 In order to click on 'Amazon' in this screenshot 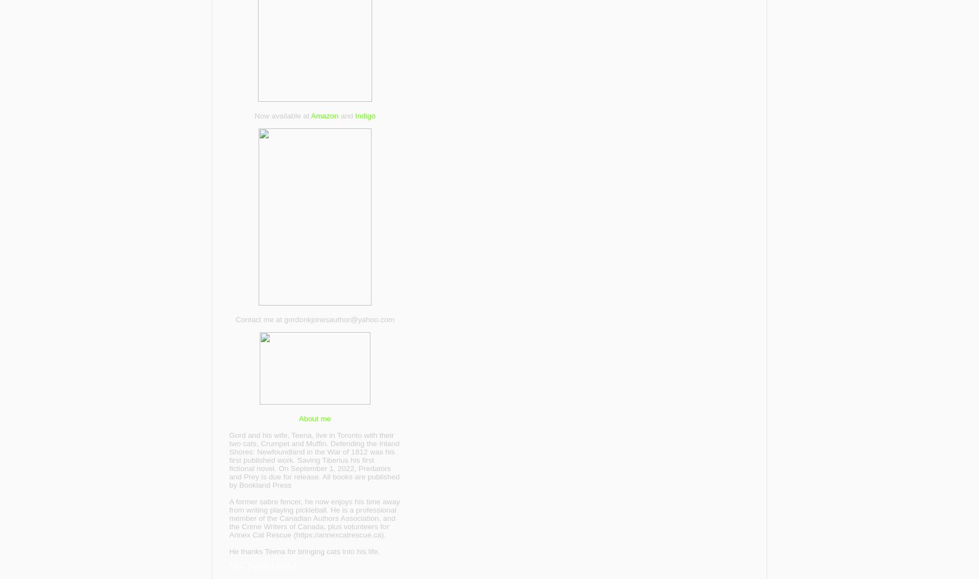, I will do `click(323, 115)`.